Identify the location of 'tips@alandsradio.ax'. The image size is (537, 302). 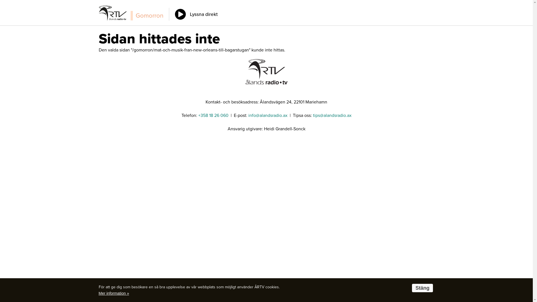
(332, 115).